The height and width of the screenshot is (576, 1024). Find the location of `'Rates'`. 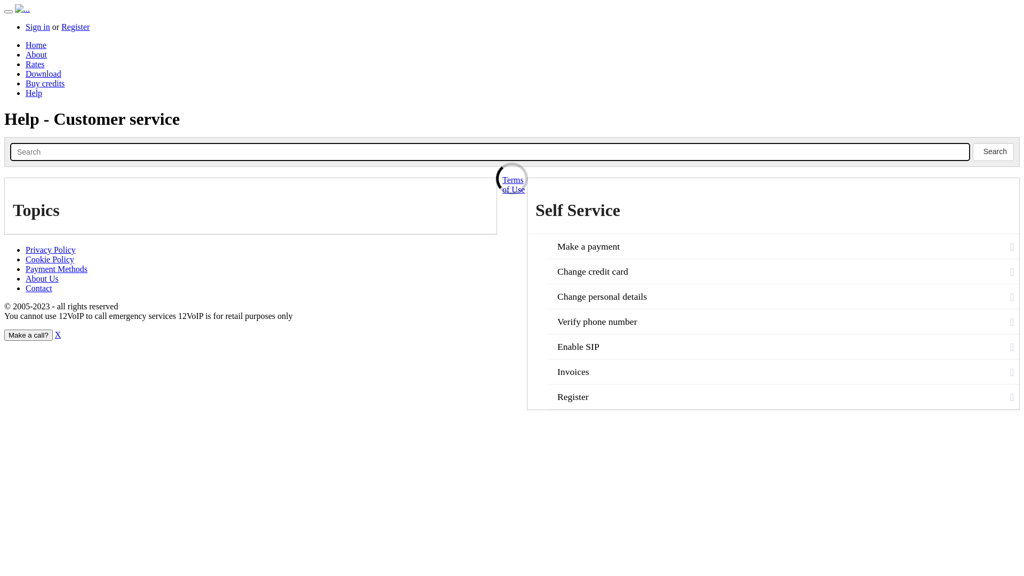

'Rates' is located at coordinates (35, 64).